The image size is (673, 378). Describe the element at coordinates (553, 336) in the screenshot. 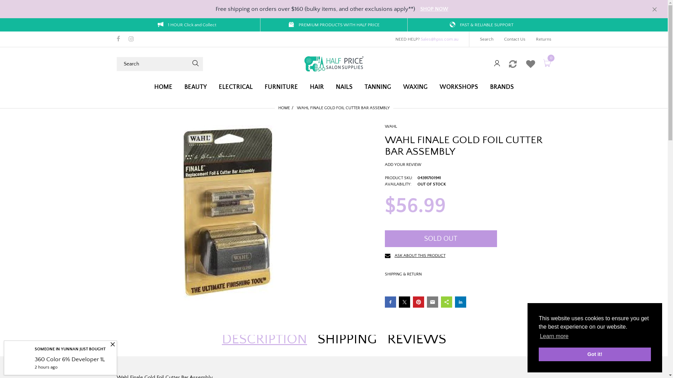

I see `'Learn more'` at that location.